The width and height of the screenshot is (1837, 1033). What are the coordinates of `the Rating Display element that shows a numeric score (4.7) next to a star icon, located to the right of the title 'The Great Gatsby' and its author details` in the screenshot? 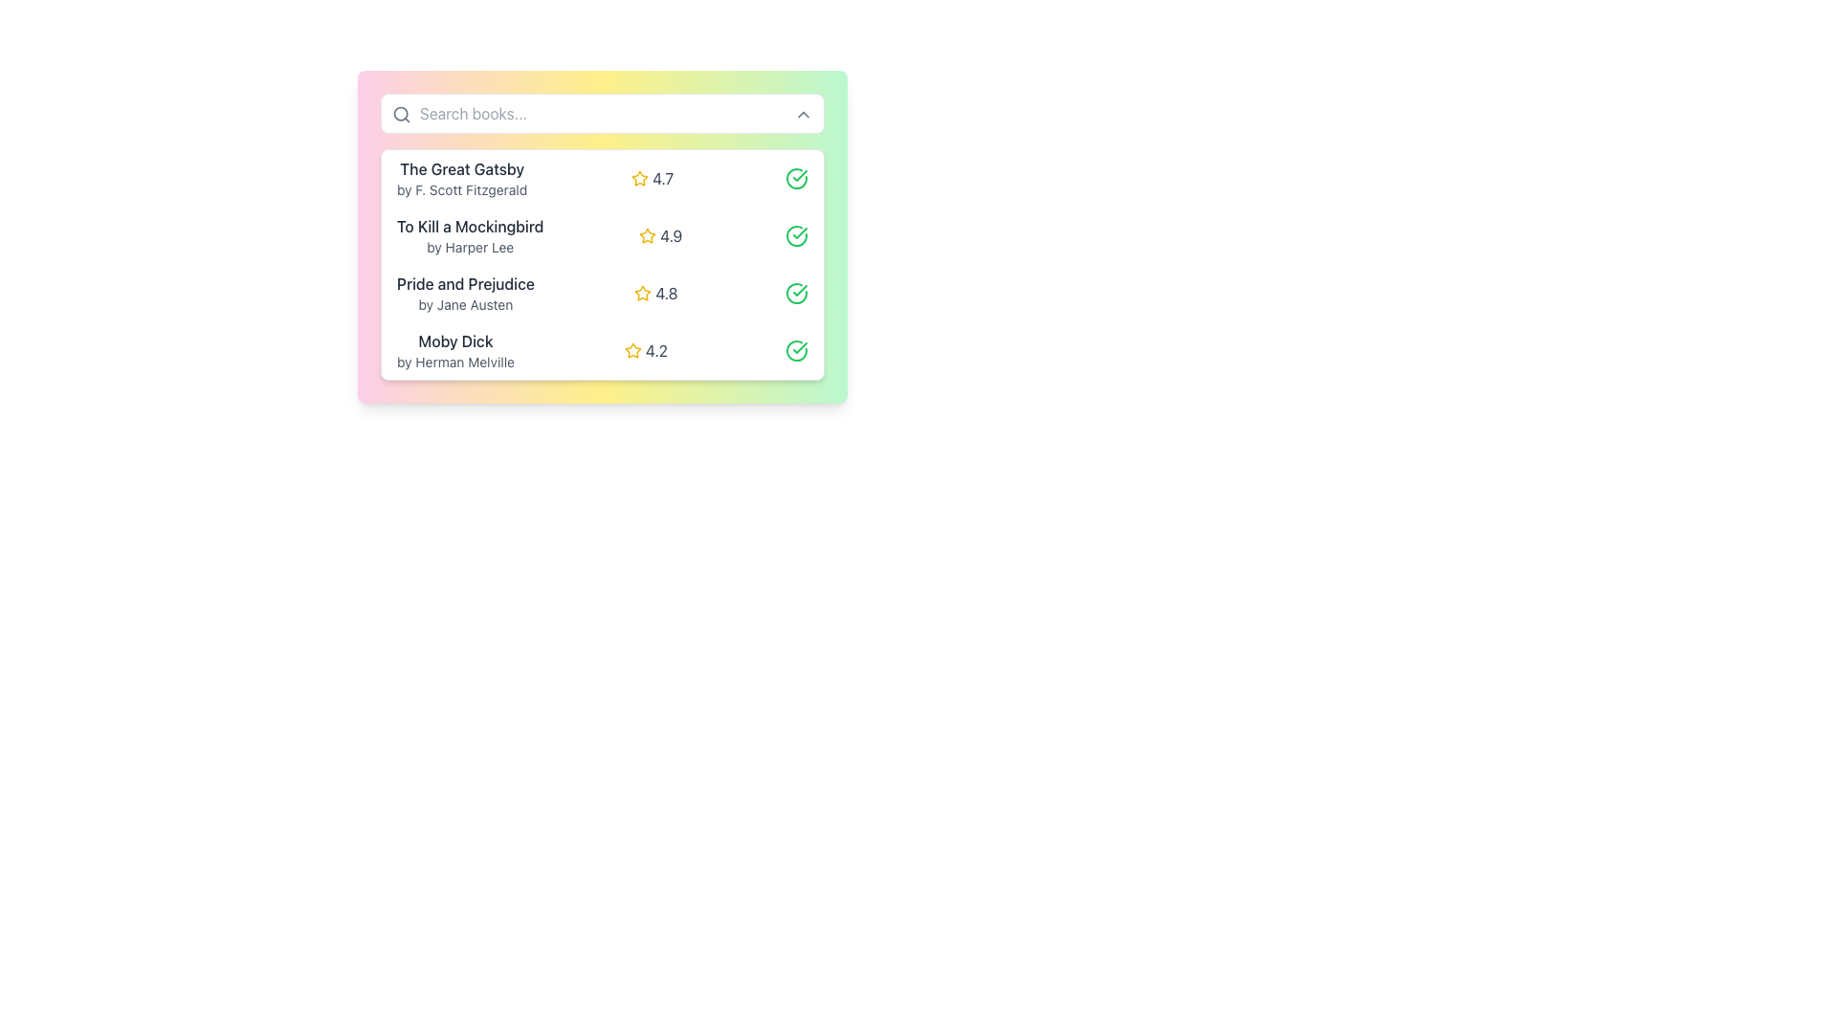 It's located at (653, 178).